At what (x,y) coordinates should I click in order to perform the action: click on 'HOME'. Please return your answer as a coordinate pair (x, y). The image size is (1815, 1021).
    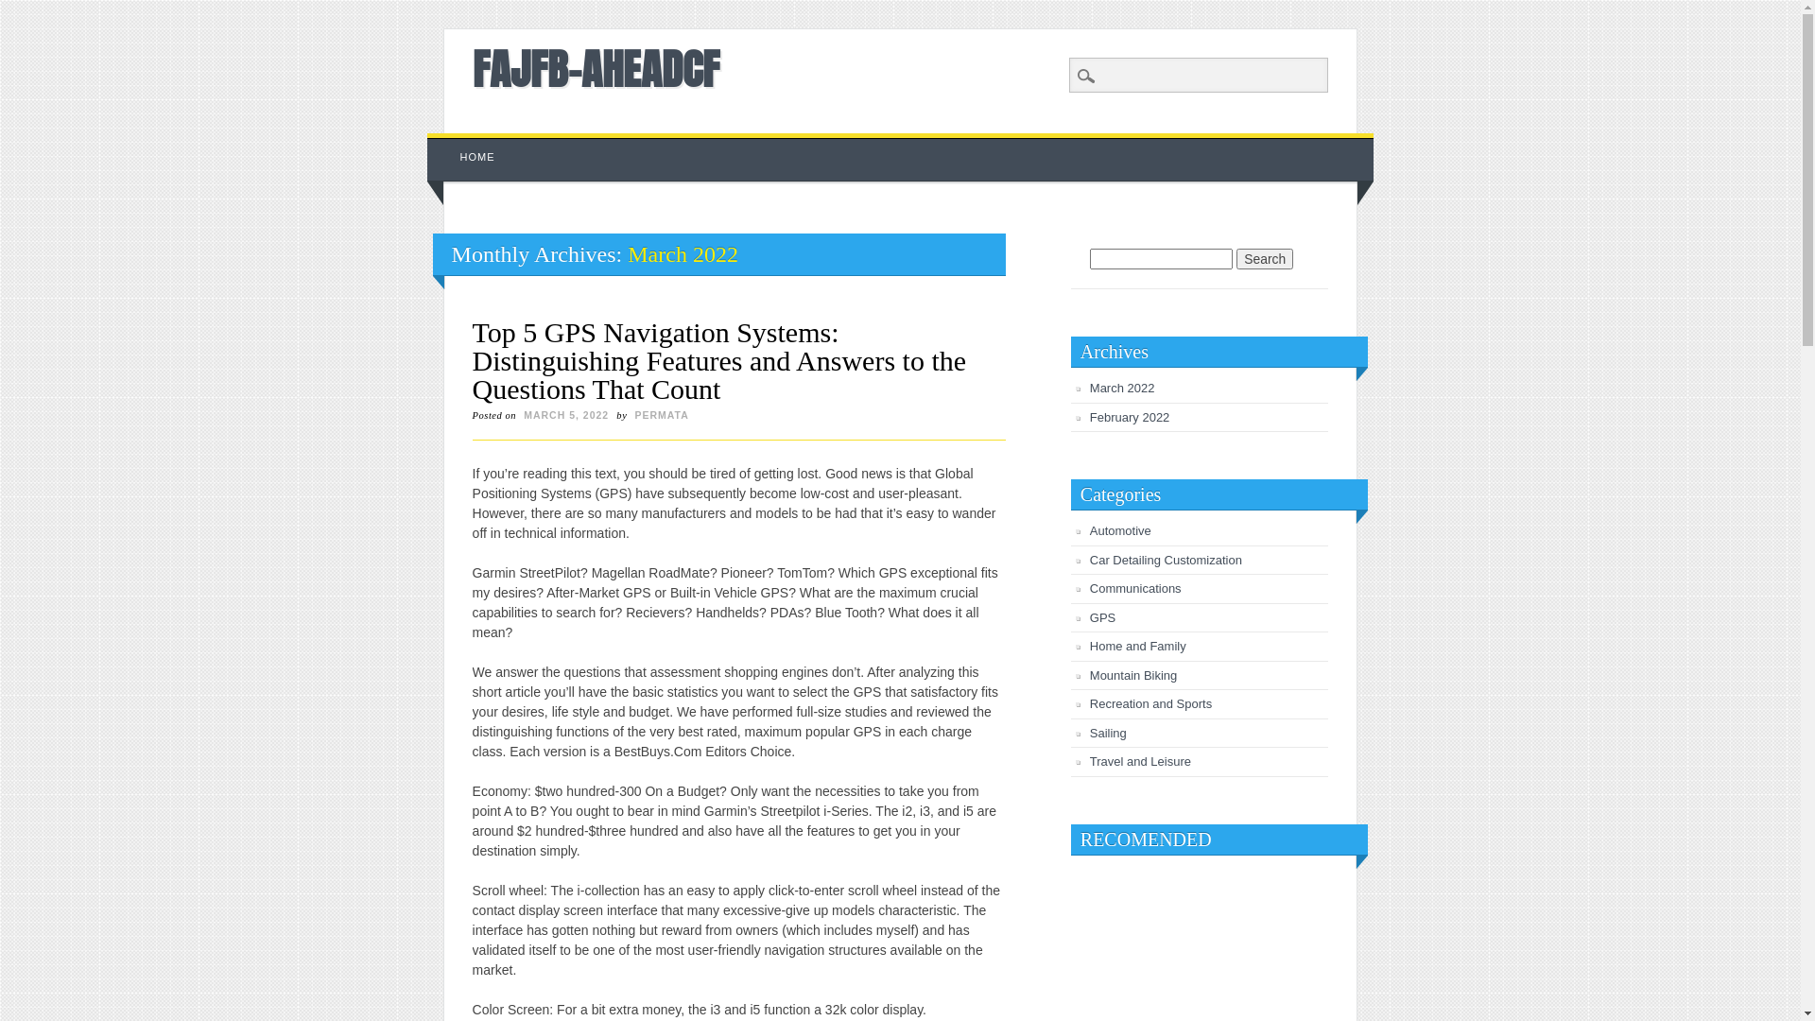
    Looking at the image, I should click on (477, 156).